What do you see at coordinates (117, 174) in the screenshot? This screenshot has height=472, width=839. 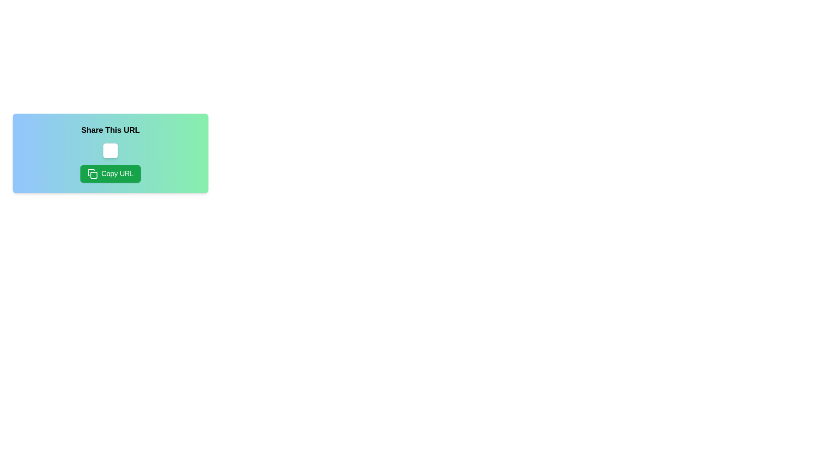 I see `text displayed on the 'Copy URL' text label, which is white and located on a green rounded rectangular button within the sharing interface` at bounding box center [117, 174].